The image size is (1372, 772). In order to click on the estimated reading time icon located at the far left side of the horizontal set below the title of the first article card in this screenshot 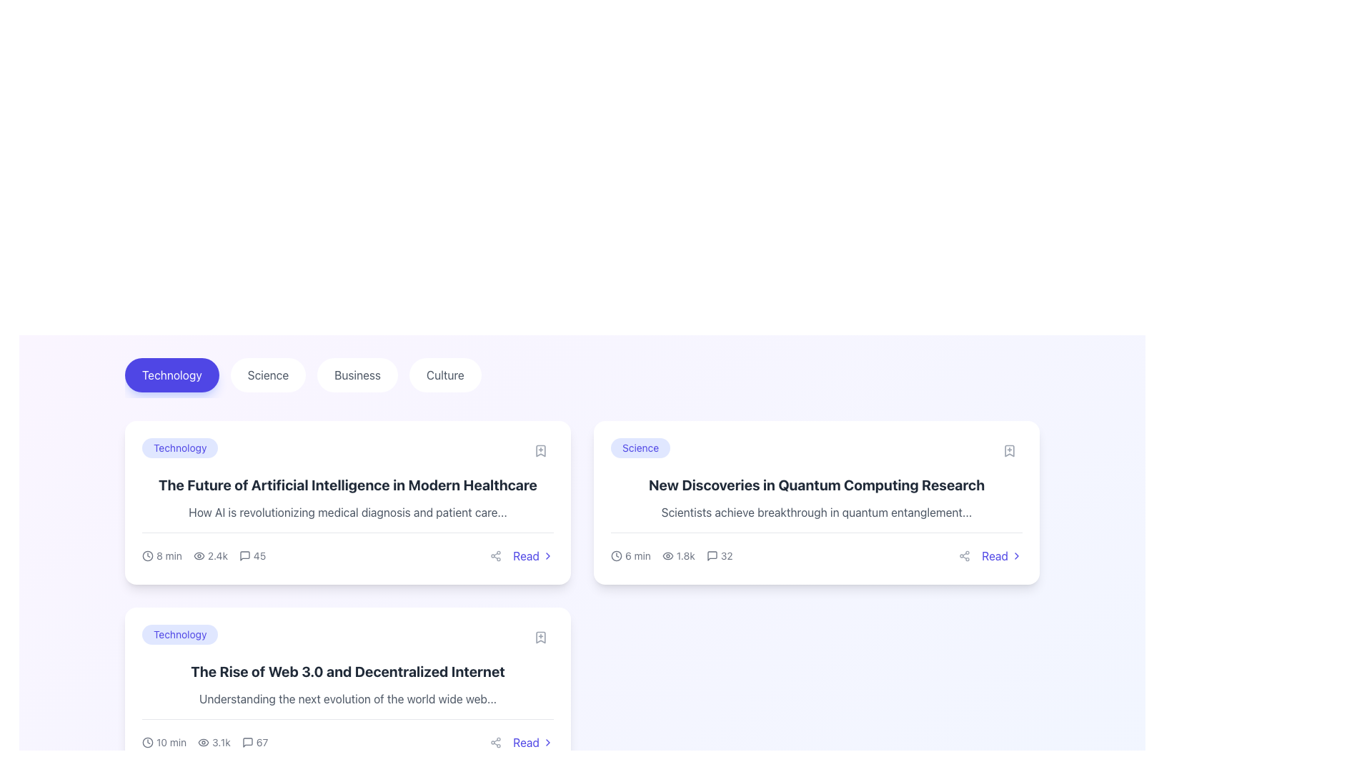, I will do `click(161, 555)`.